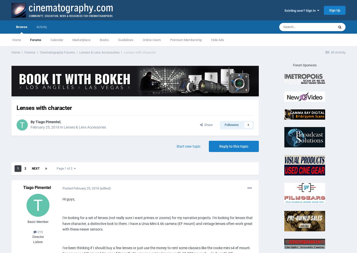 Image resolution: width=357 pixels, height=253 pixels. What do you see at coordinates (329, 10) in the screenshot?
I see `'Sign Up'` at bounding box center [329, 10].